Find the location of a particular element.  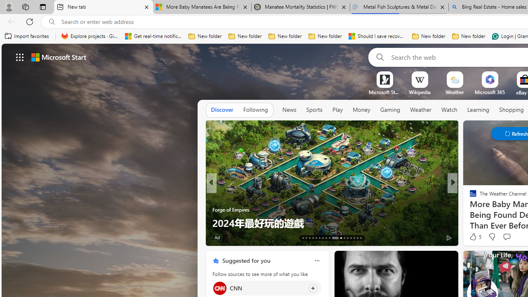

'Following' is located at coordinates (255, 109).